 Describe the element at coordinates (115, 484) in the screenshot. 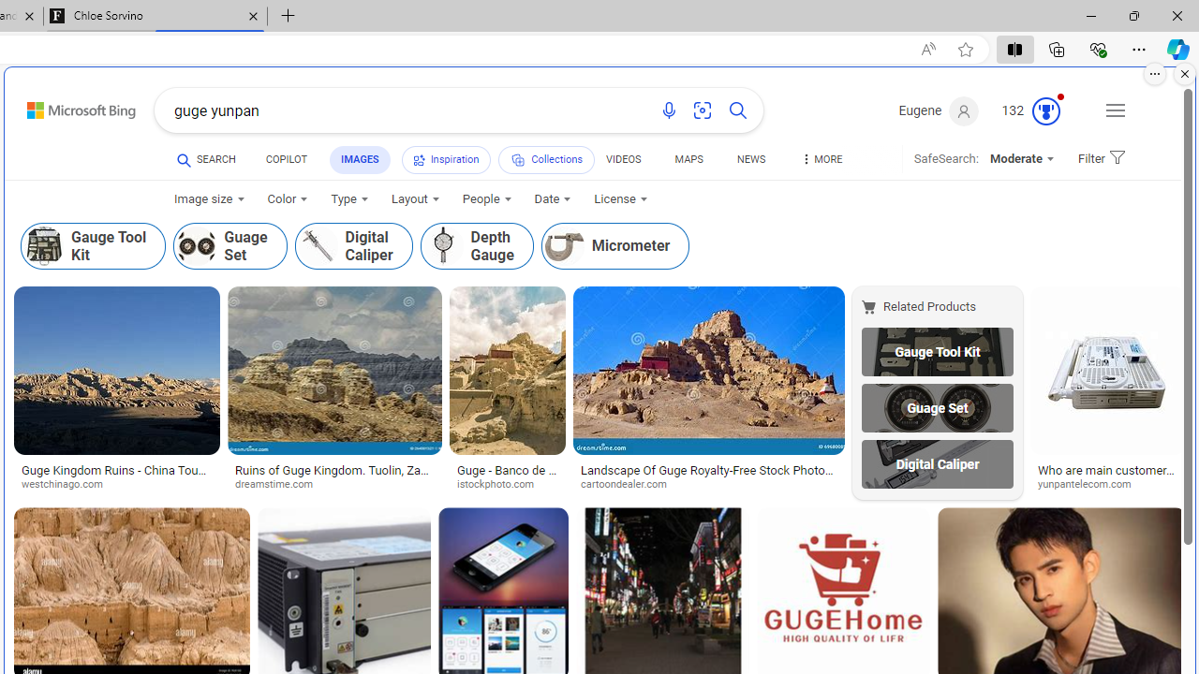

I see `'westchinago.com'` at that location.